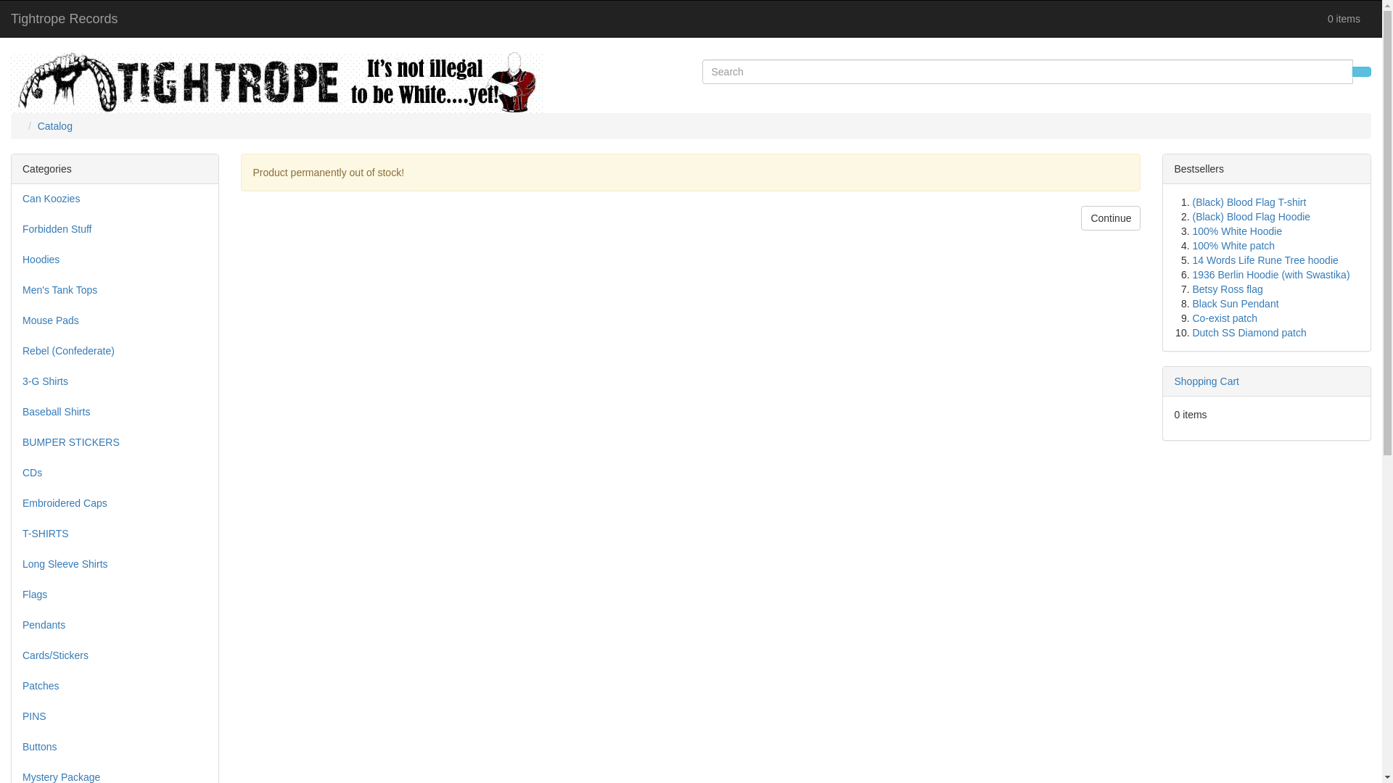 The height and width of the screenshot is (783, 1393). I want to click on 'Forbidden Stuff', so click(114, 228).